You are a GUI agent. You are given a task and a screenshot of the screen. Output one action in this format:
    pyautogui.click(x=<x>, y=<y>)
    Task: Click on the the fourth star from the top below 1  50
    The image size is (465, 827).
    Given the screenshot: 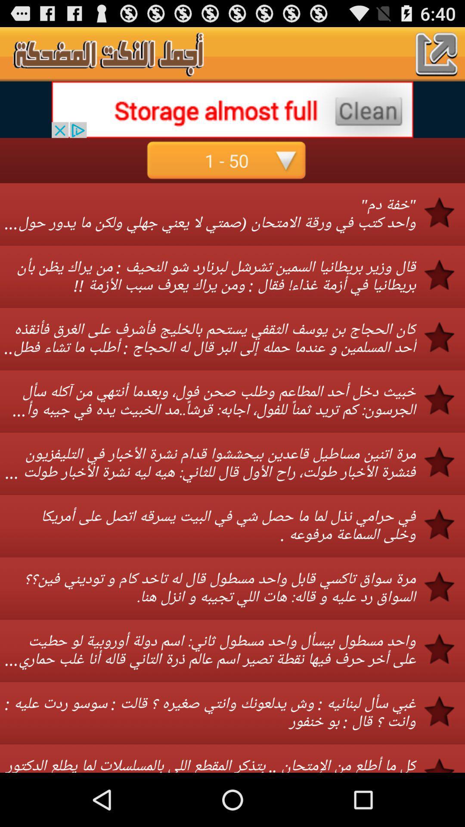 What is the action you would take?
    pyautogui.click(x=445, y=399)
    